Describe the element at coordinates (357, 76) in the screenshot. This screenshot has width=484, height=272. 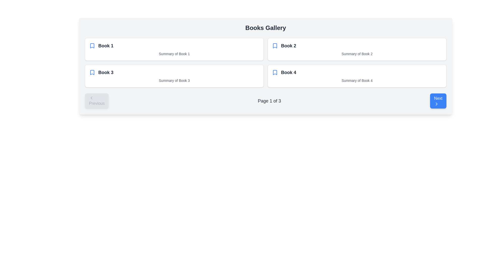
I see `the 'Book 4' card component` at that location.